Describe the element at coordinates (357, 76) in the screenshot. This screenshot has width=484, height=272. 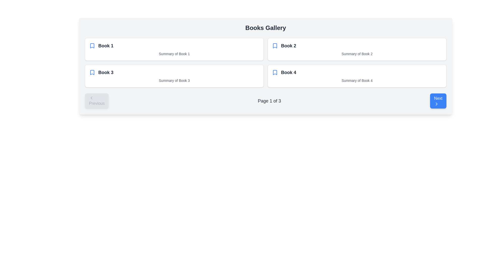
I see `the 'Book 4' card component` at that location.